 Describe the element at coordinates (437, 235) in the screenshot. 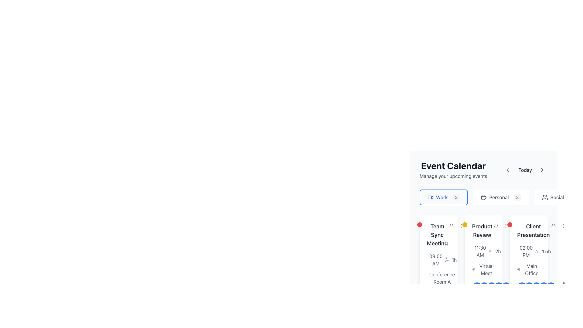

I see `the Text label that serves as the title of the scheduled event, located in the top left of the first event card under the 'Work' category` at that location.